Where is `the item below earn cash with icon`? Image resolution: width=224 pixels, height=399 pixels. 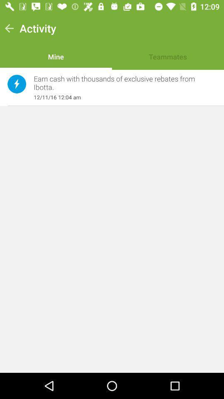 the item below earn cash with icon is located at coordinates (120, 97).